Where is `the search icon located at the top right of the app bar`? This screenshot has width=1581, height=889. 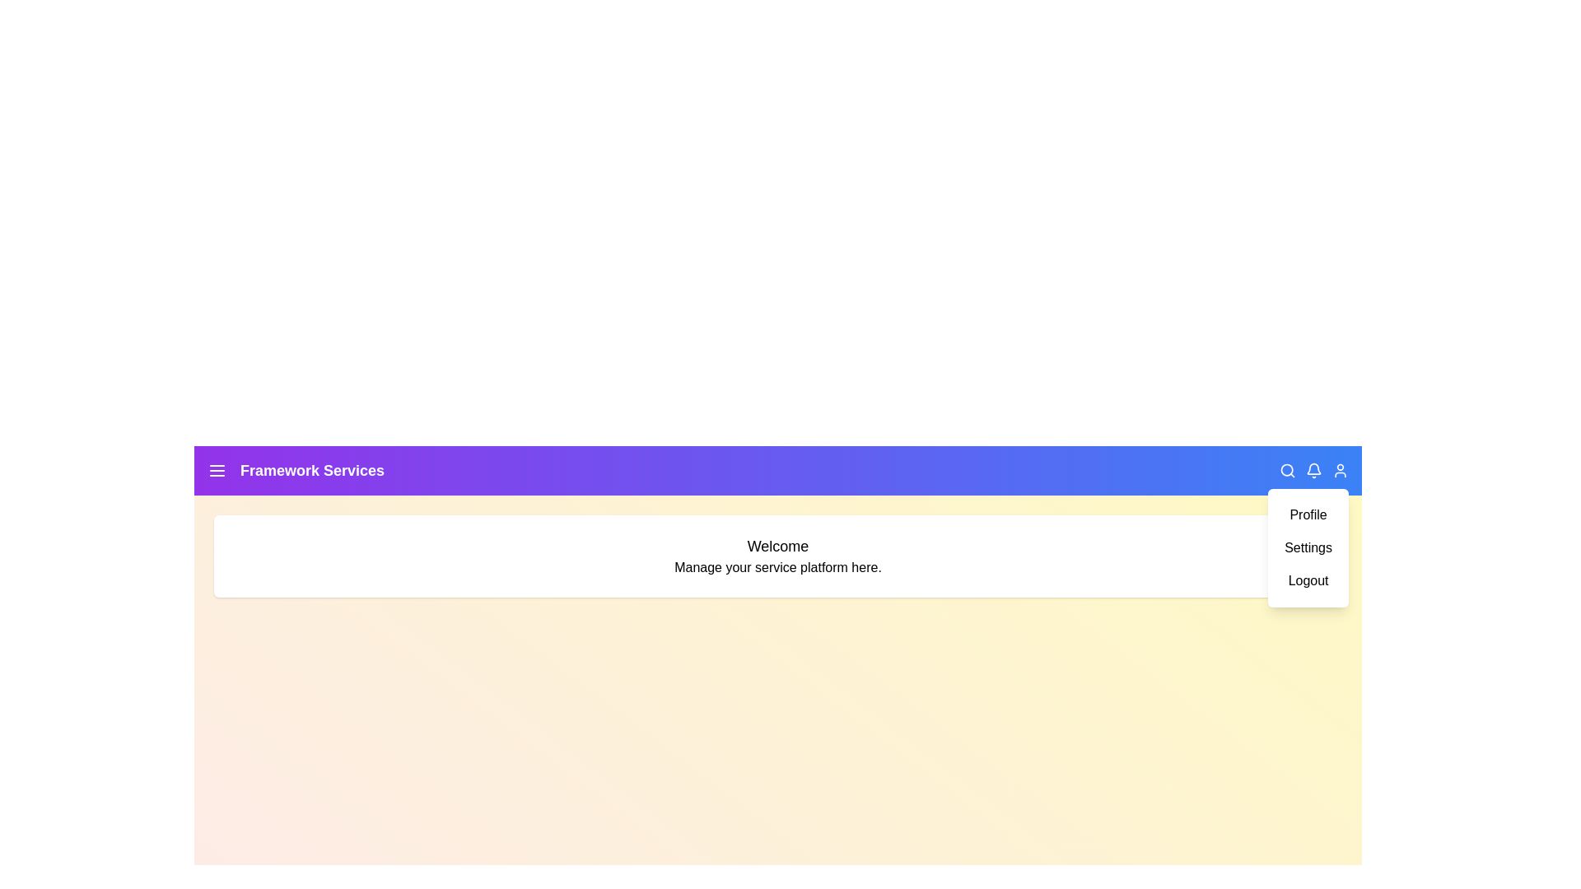
the search icon located at the top right of the app bar is located at coordinates (1287, 470).